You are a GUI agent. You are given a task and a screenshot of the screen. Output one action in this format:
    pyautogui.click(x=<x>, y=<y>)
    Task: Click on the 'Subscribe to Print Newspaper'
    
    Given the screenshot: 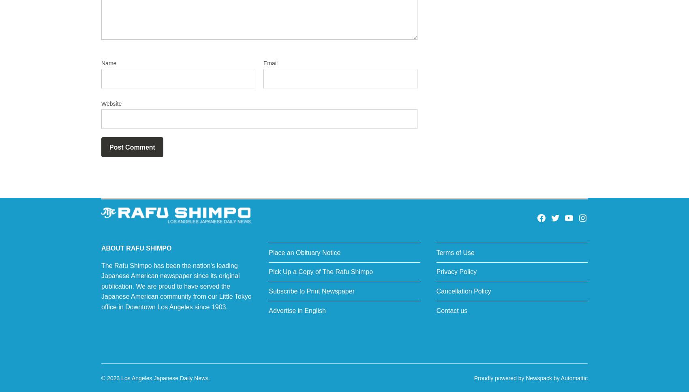 What is the action you would take?
    pyautogui.click(x=269, y=291)
    